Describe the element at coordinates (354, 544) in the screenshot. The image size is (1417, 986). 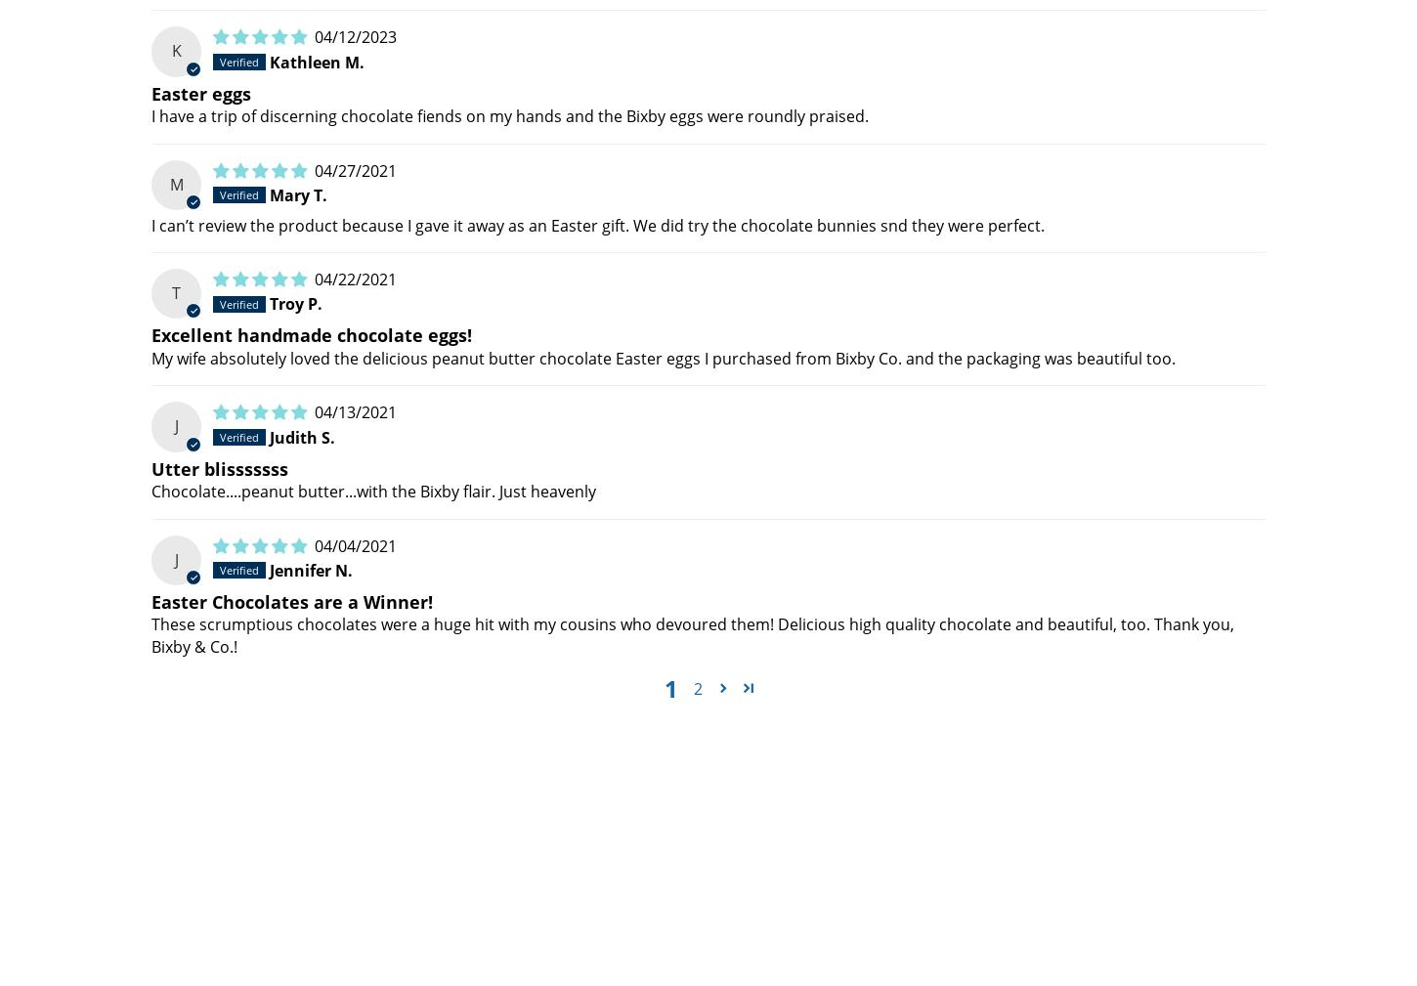
I see `'04/04/2021'` at that location.